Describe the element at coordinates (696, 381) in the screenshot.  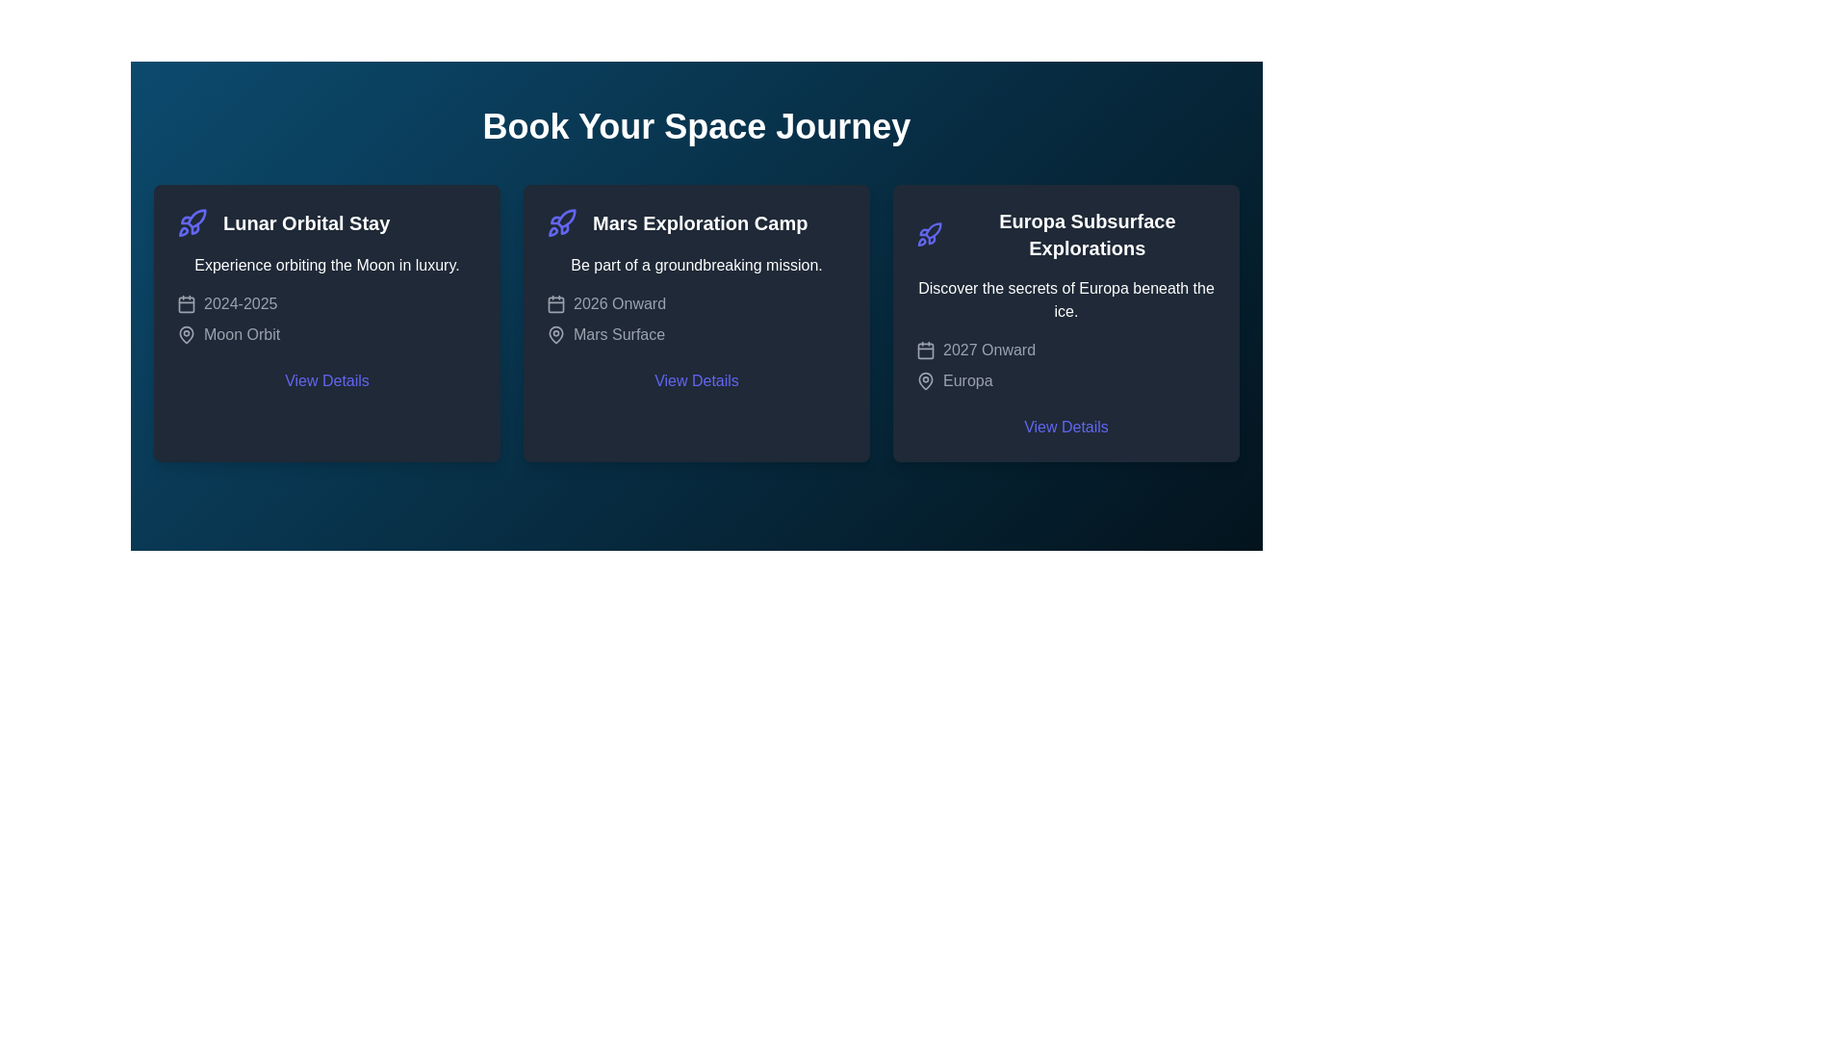
I see `the blue hyperlinked text 'View Details' at the bottom of the 'Mars Exploration Camp' card` at that location.